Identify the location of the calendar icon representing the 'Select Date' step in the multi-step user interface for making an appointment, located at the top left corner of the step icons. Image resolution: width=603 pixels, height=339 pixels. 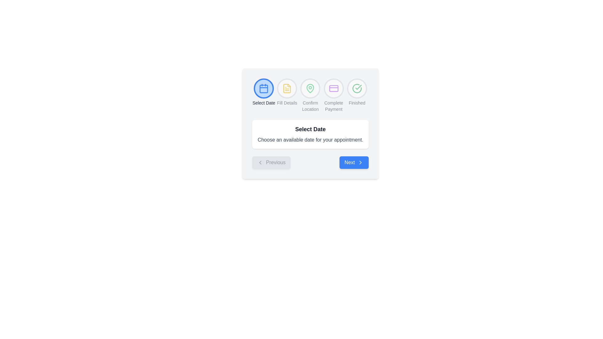
(264, 88).